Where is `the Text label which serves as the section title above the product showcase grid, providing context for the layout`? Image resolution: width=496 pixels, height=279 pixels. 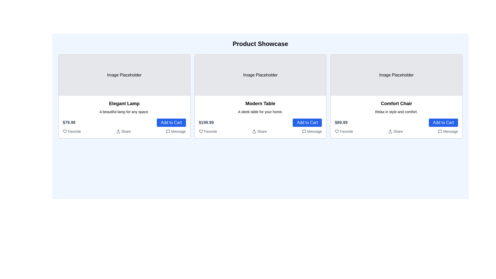
the Text label which serves as the section title above the product showcase grid, providing context for the layout is located at coordinates (260, 43).